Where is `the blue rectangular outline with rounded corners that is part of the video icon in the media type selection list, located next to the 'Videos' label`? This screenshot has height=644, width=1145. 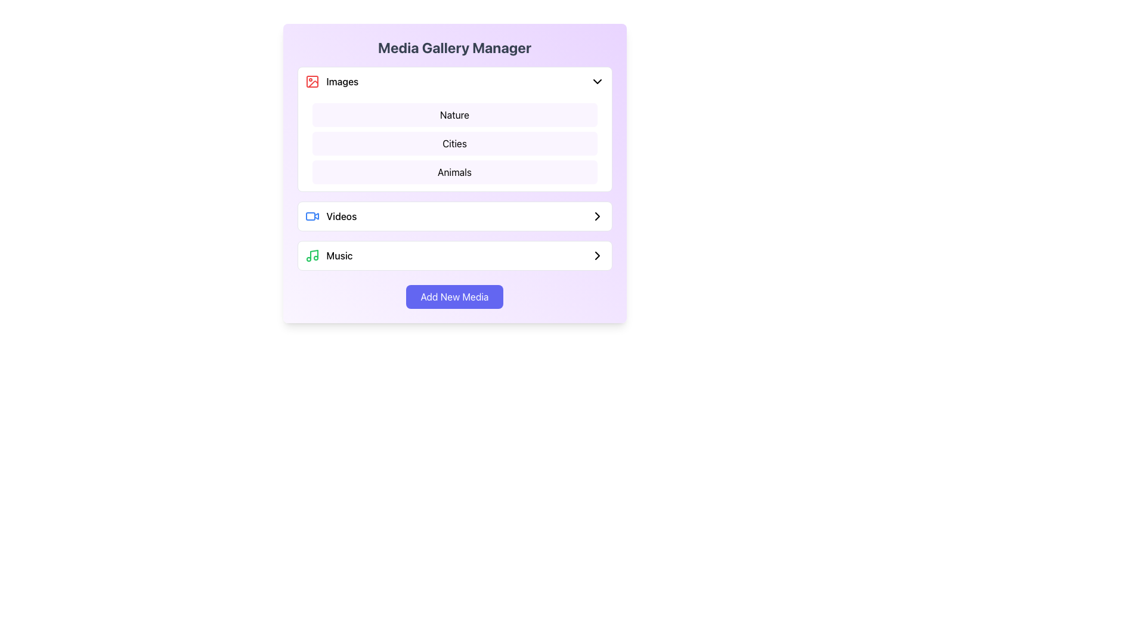 the blue rectangular outline with rounded corners that is part of the video icon in the media type selection list, located next to the 'Videos' label is located at coordinates (310, 216).